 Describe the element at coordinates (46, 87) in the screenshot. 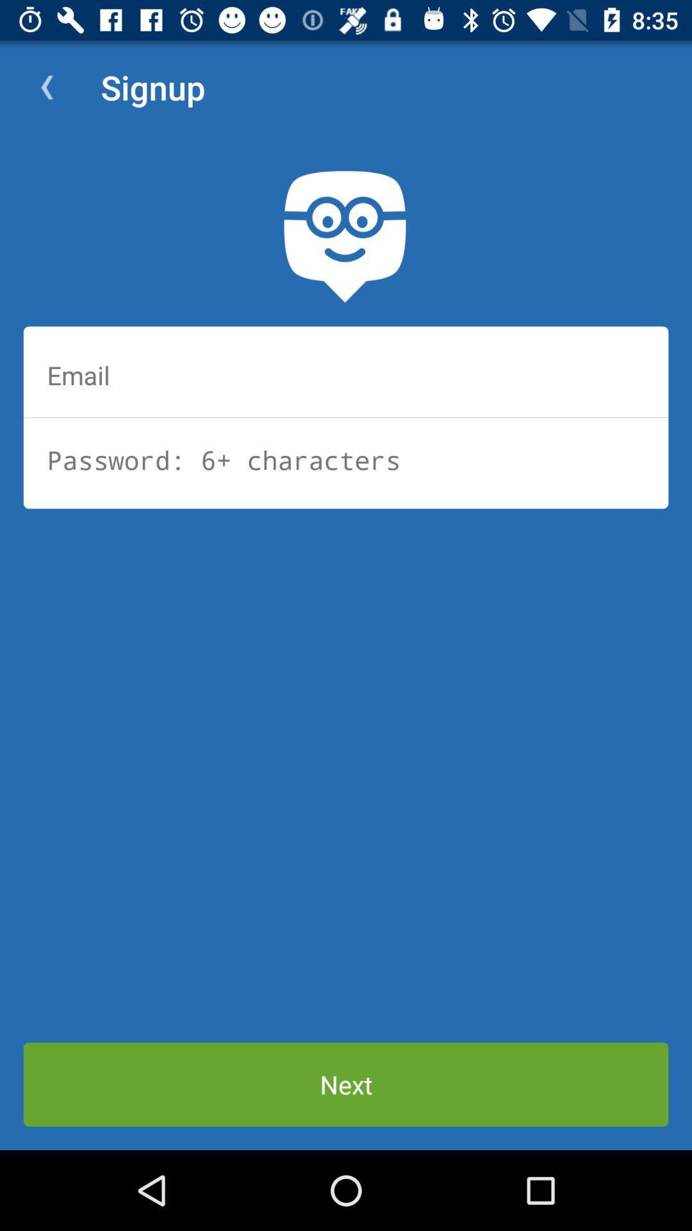

I see `icon next to signup item` at that location.